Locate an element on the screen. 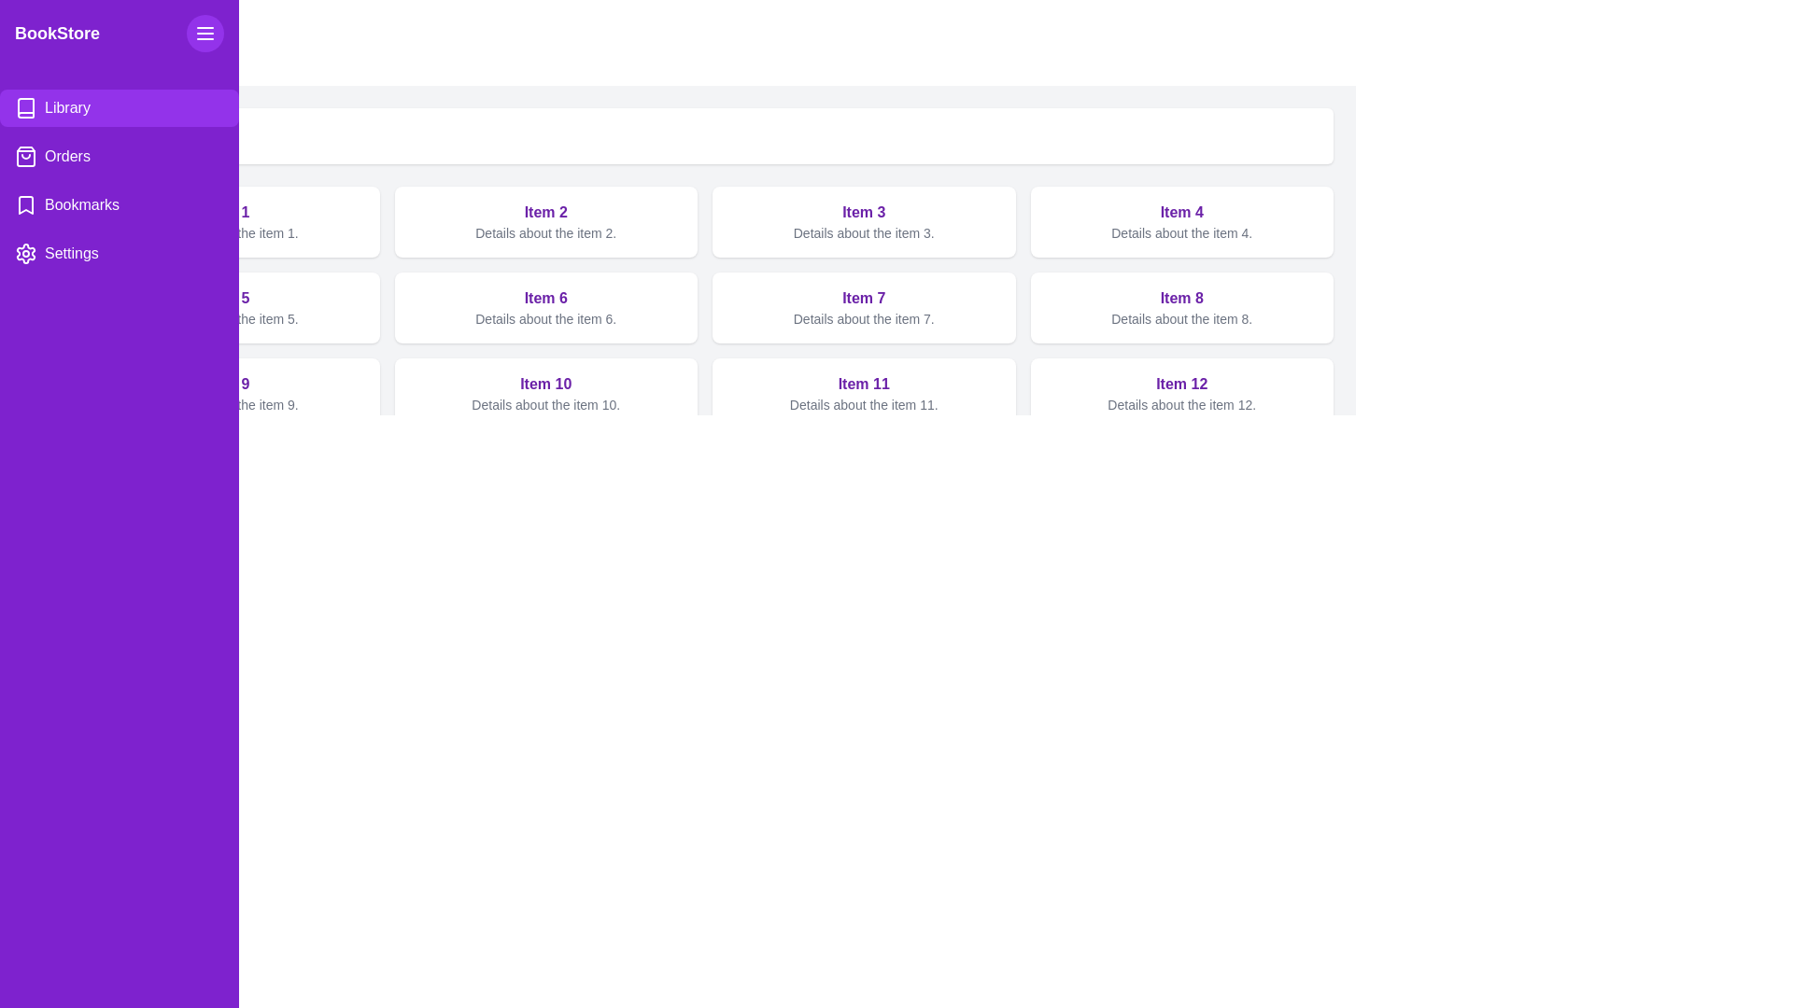  the text label that serves as the title of the card, which displays 'Item 10' and is located in the bottom row of a grid layout is located at coordinates (544, 384).